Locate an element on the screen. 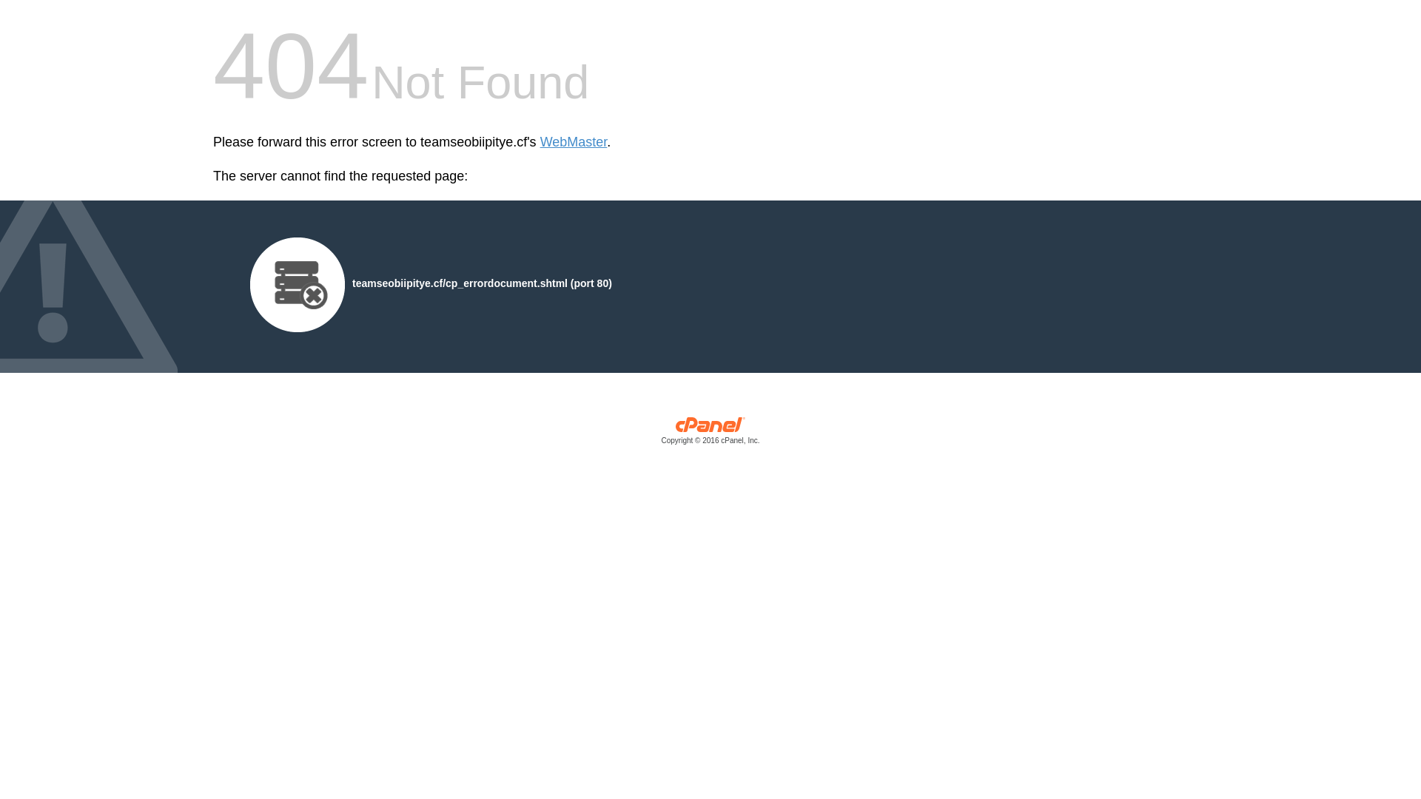  'WebMaster' is located at coordinates (573, 142).